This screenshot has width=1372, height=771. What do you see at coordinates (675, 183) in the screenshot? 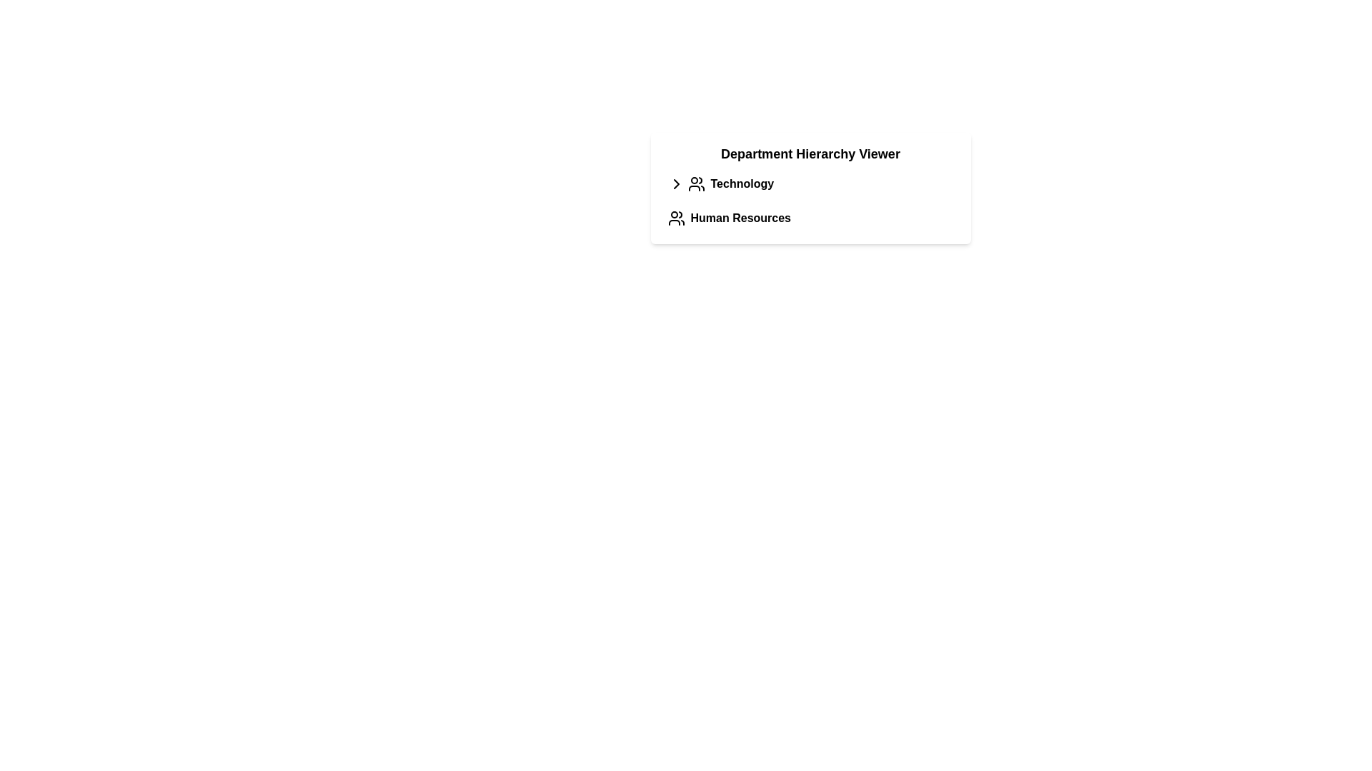
I see `the chevron icon located to the immediate left of the 'Technology' text label, which is the first in the list of department indicators` at bounding box center [675, 183].